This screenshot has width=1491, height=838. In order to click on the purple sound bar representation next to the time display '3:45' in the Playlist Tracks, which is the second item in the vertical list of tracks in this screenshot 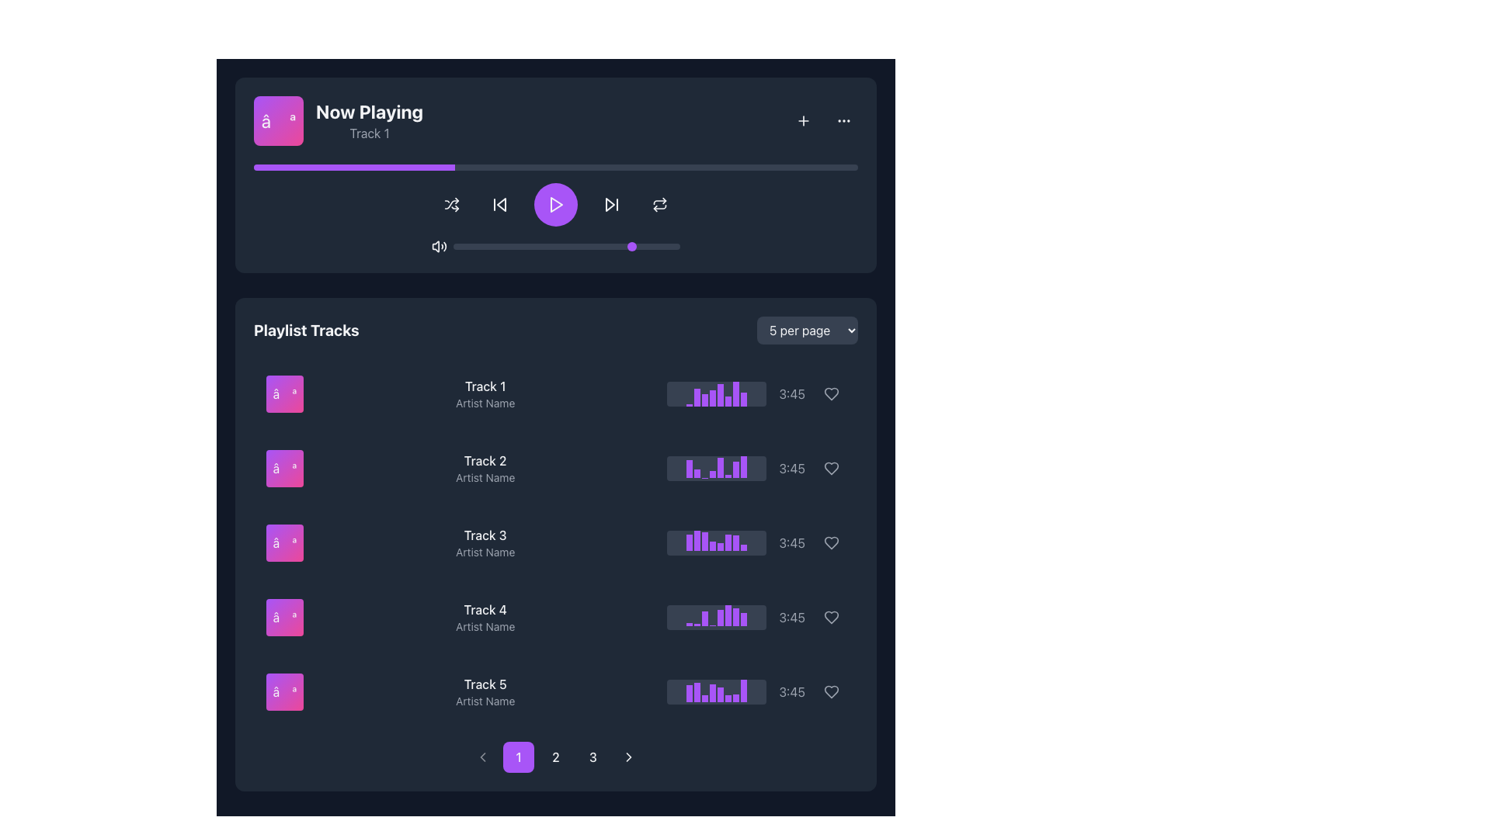, I will do `click(756, 468)`.